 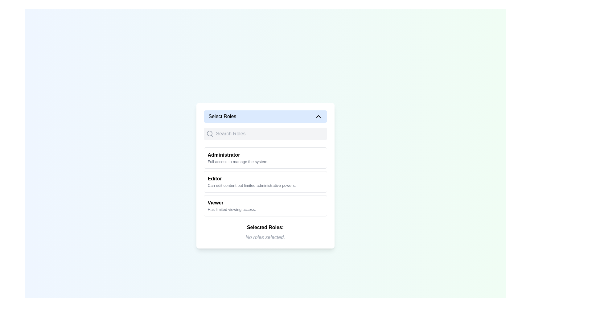 What do you see at coordinates (222, 117) in the screenshot?
I see `the label indicating the action or state of the dropdown menu, which is positioned to the left of the arrow icon in the dropdown header` at bounding box center [222, 117].